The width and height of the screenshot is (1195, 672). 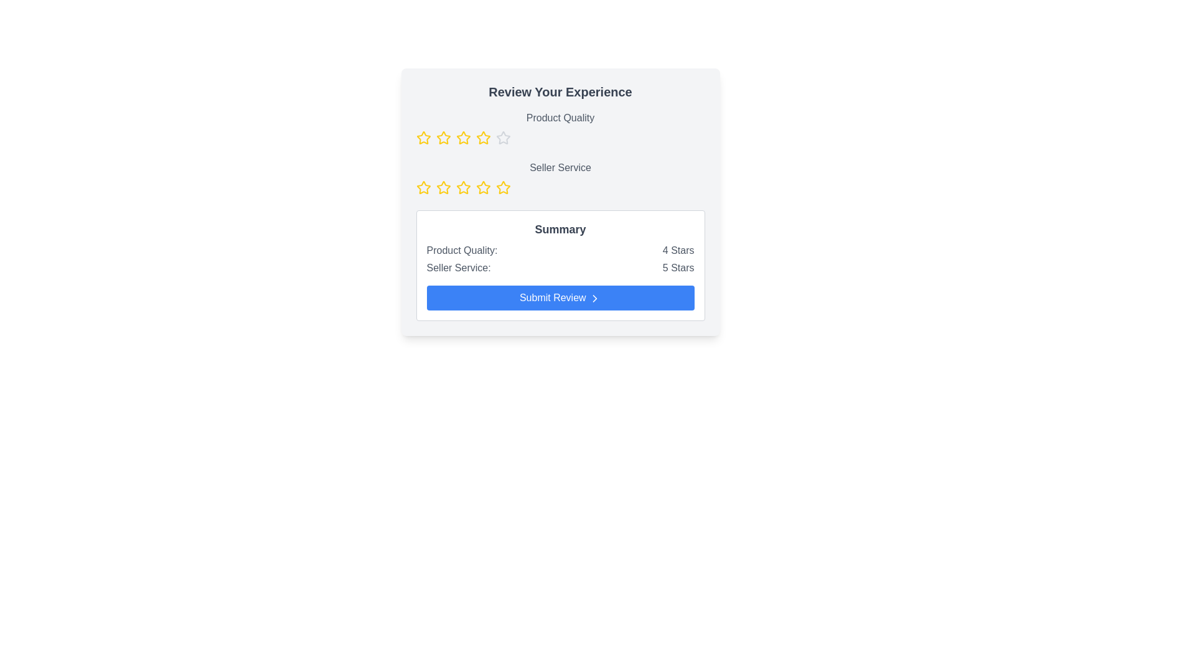 I want to click on the small rightward-pointing chevron icon located beside the 'Submit Review' button to change its appearance, so click(x=594, y=298).